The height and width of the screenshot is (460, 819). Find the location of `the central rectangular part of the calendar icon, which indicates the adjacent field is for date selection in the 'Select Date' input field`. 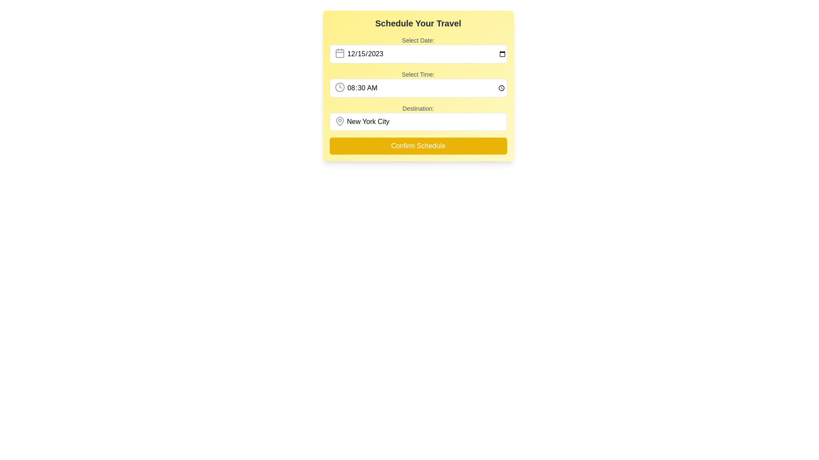

the central rectangular part of the calendar icon, which indicates the adjacent field is for date selection in the 'Select Date' input field is located at coordinates (339, 54).